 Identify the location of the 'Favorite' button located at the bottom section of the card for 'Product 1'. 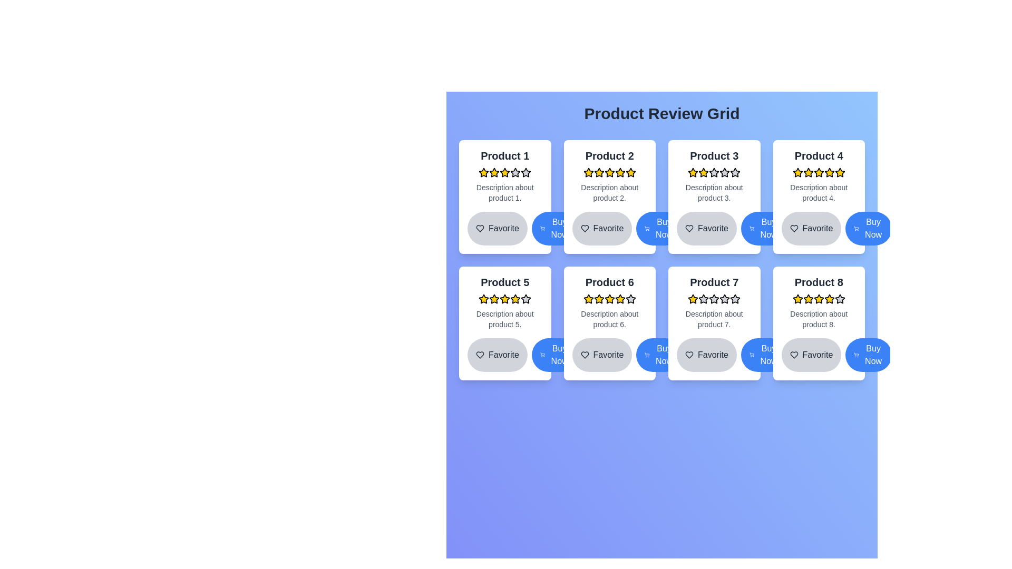
(504, 228).